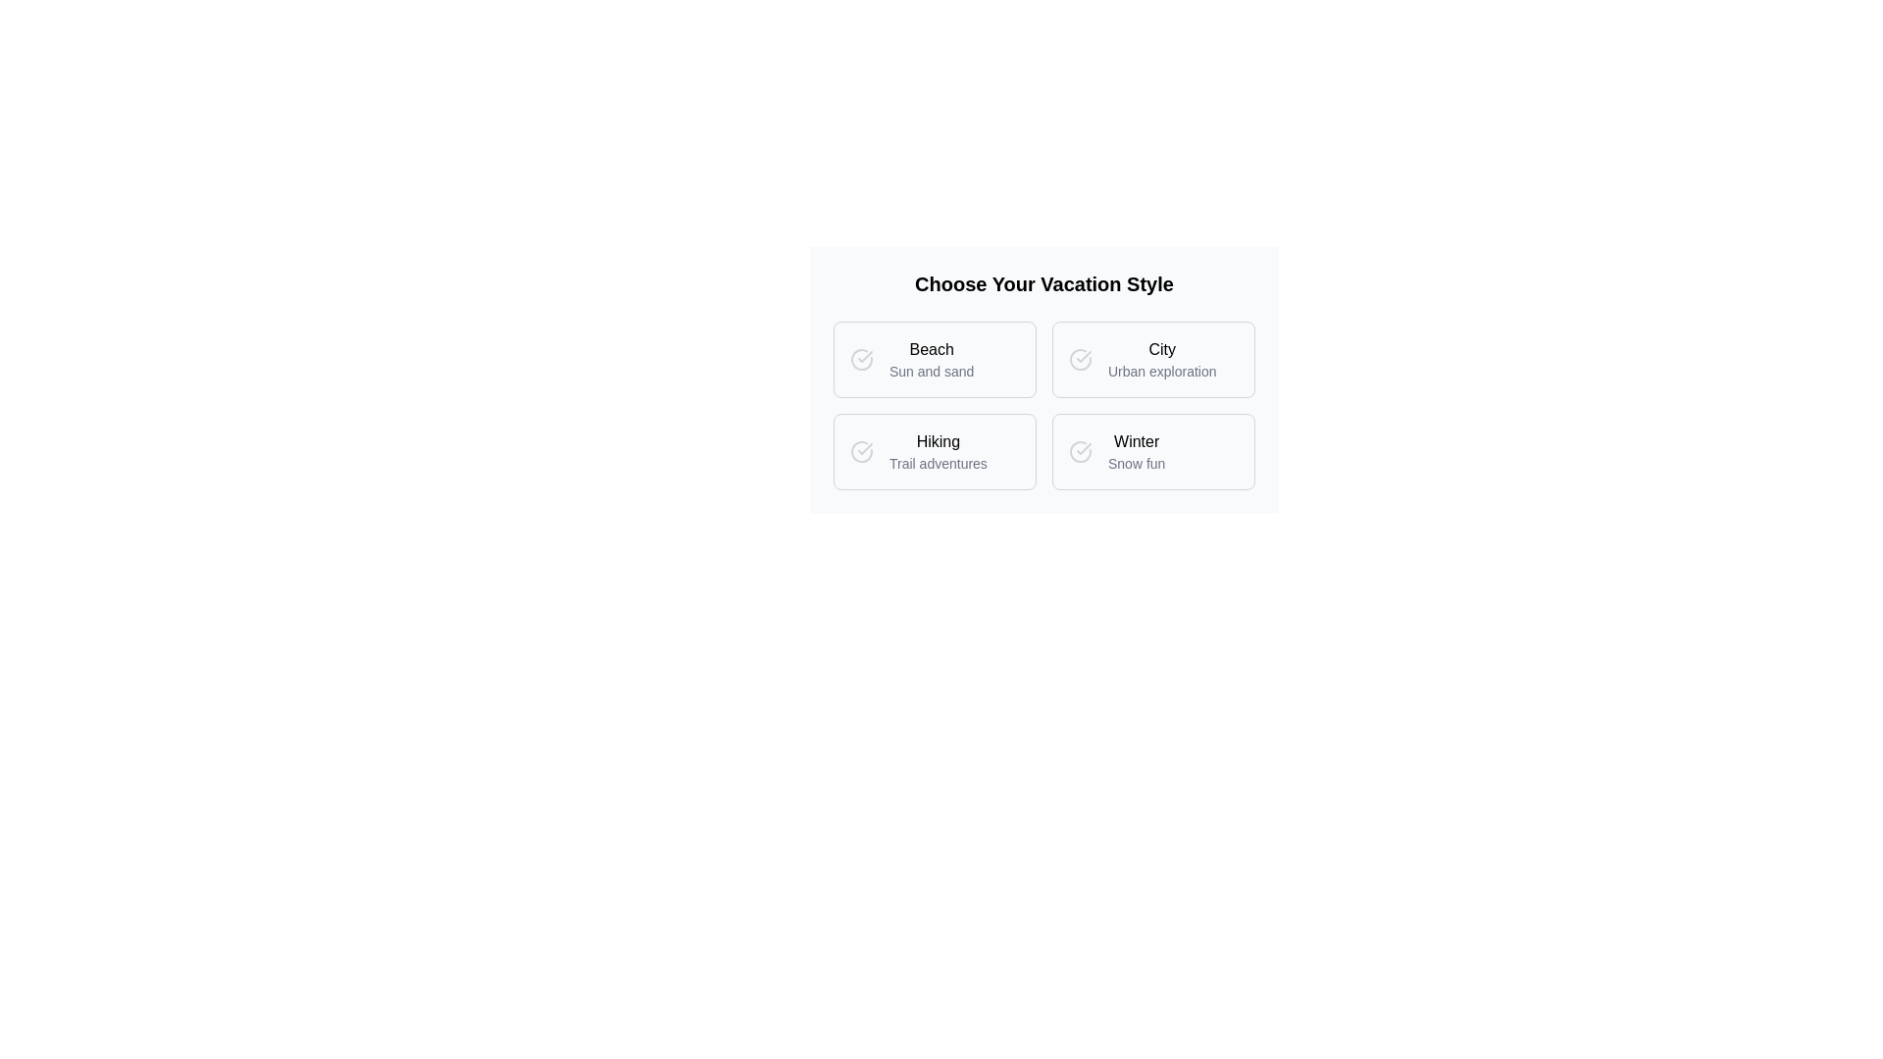 The height and width of the screenshot is (1059, 1883). Describe the element at coordinates (1162, 359) in the screenshot. I see `the selectable option for the category 'City', which describes 'Urban exploration', located in the second position of the top row within a 2x2 grid layout` at that location.